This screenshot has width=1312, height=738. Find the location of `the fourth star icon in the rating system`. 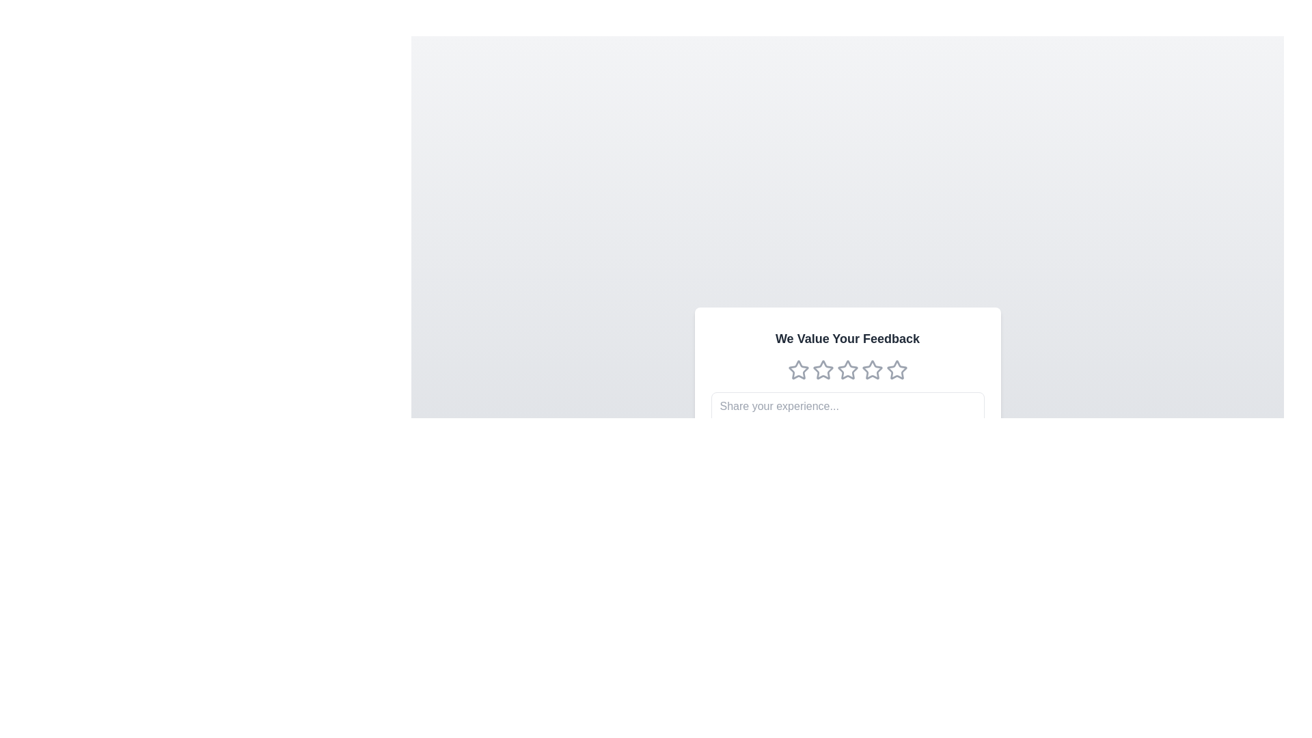

the fourth star icon in the rating system is located at coordinates (847, 370).